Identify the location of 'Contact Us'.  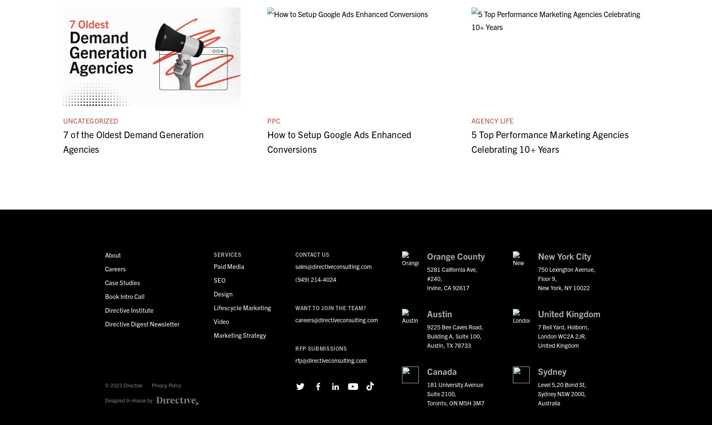
(312, 254).